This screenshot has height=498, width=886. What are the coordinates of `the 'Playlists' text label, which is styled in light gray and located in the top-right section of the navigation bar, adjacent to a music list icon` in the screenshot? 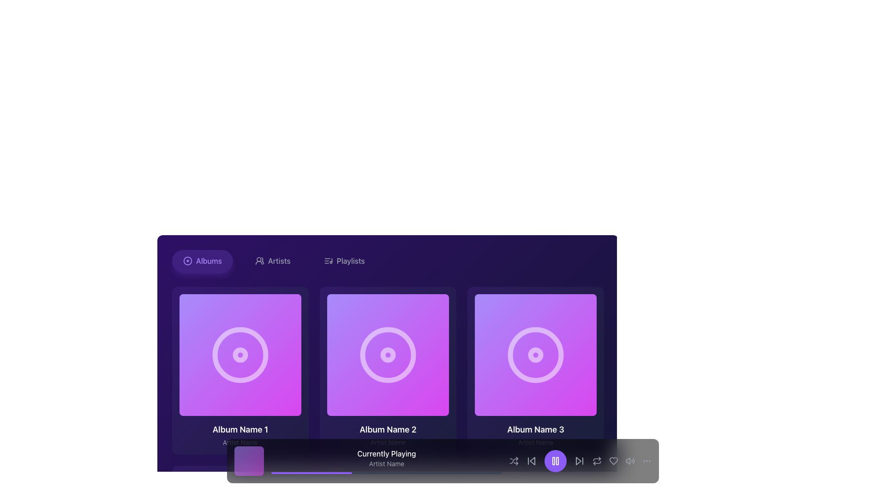 It's located at (350, 261).